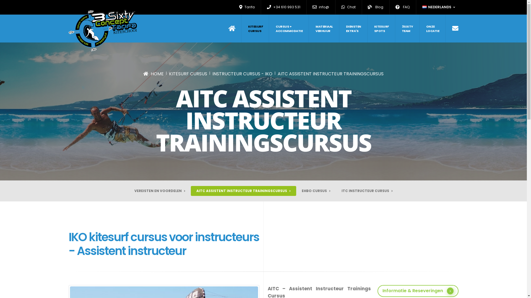 This screenshot has width=531, height=298. Describe the element at coordinates (321, 7) in the screenshot. I see `'info@'` at that location.